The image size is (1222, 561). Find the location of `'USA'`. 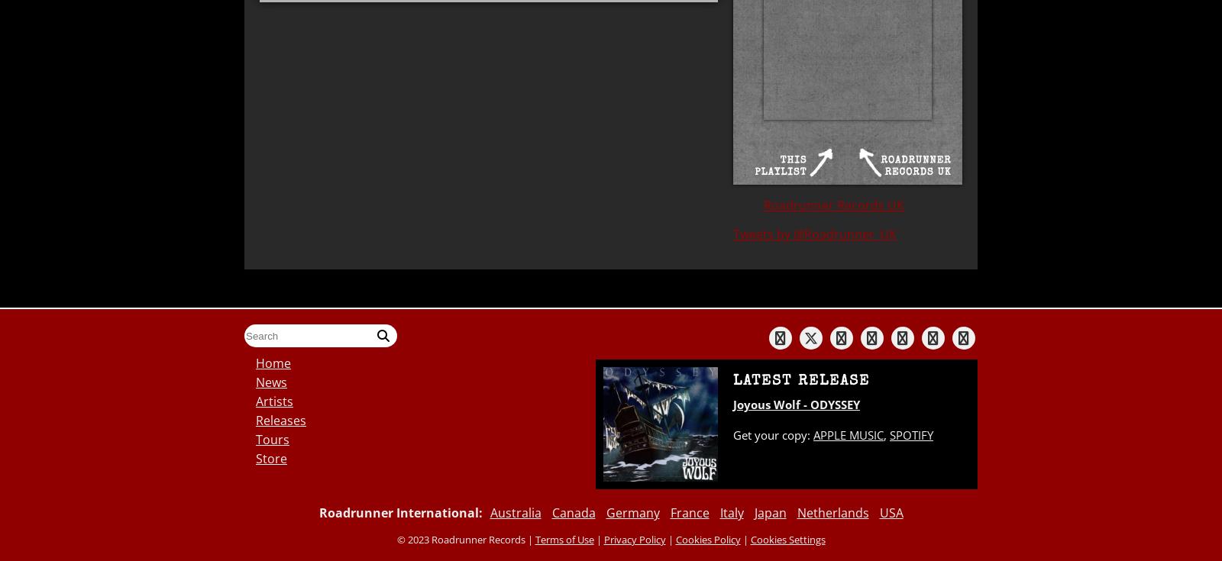

'USA' is located at coordinates (891, 512).